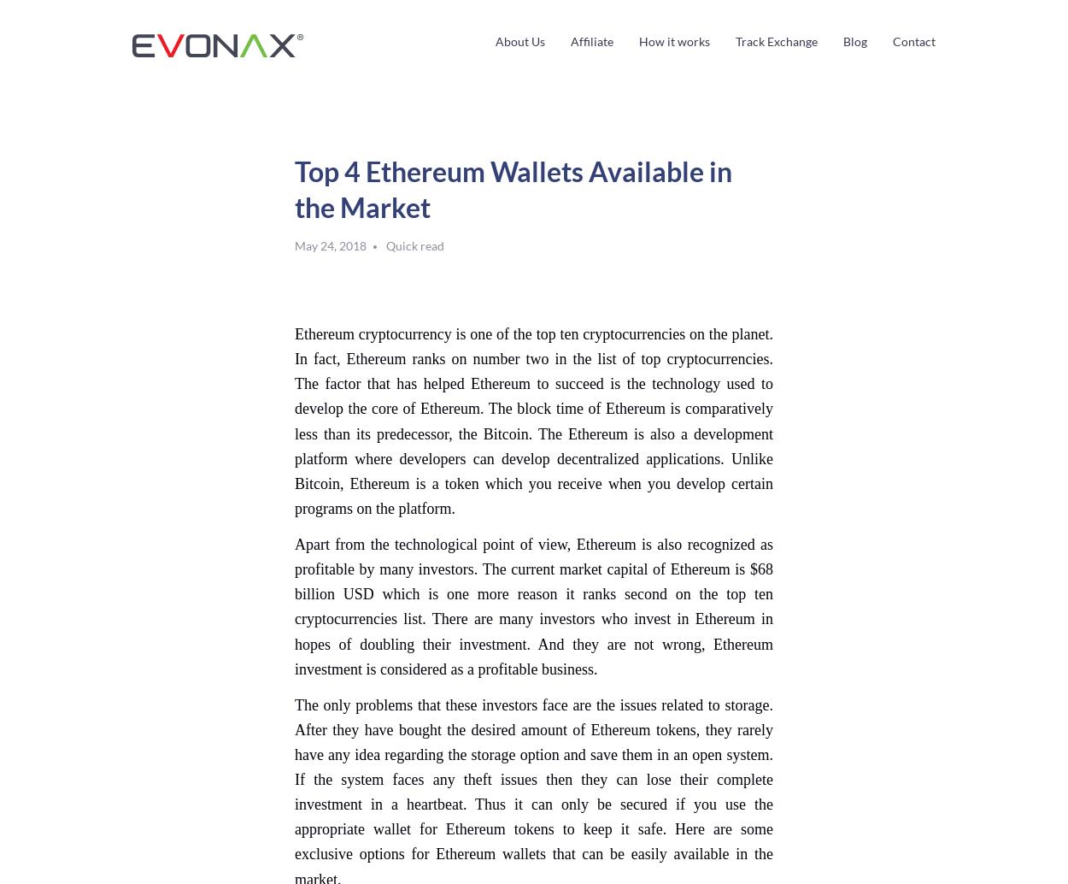  Describe the element at coordinates (854, 41) in the screenshot. I see `'Blog'` at that location.